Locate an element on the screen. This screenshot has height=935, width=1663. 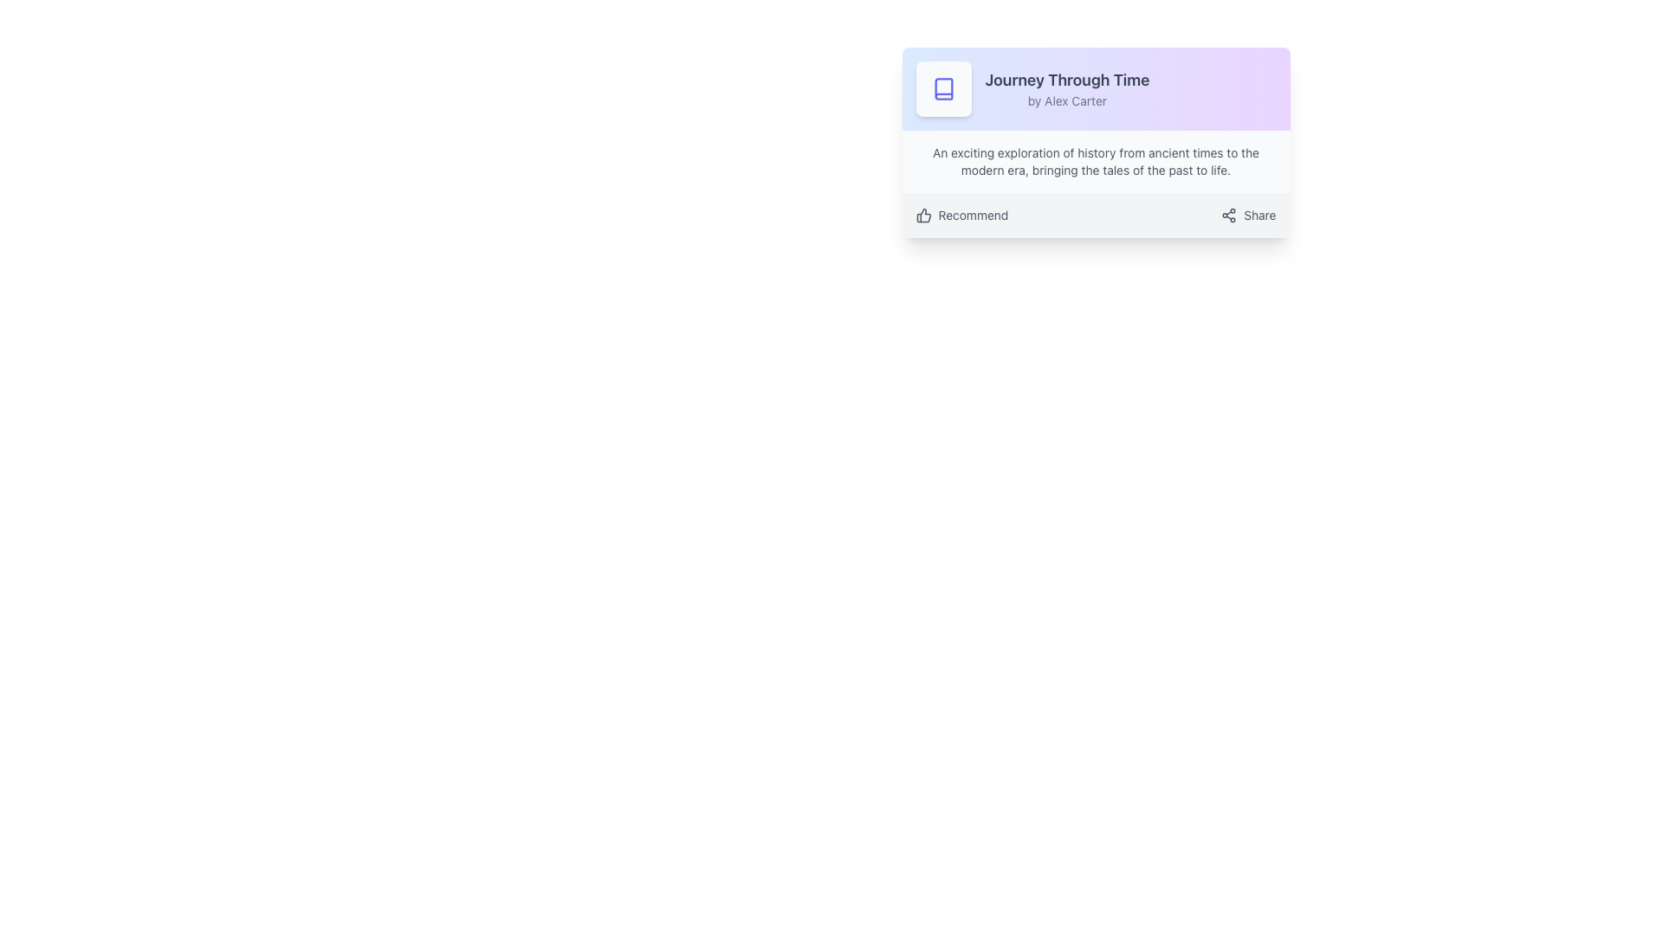
the Text Label displaying 'Journey Through Time' and 'by Alex Carter', which is centrally positioned in the layout, located to the right of the book icon is located at coordinates (1066, 89).